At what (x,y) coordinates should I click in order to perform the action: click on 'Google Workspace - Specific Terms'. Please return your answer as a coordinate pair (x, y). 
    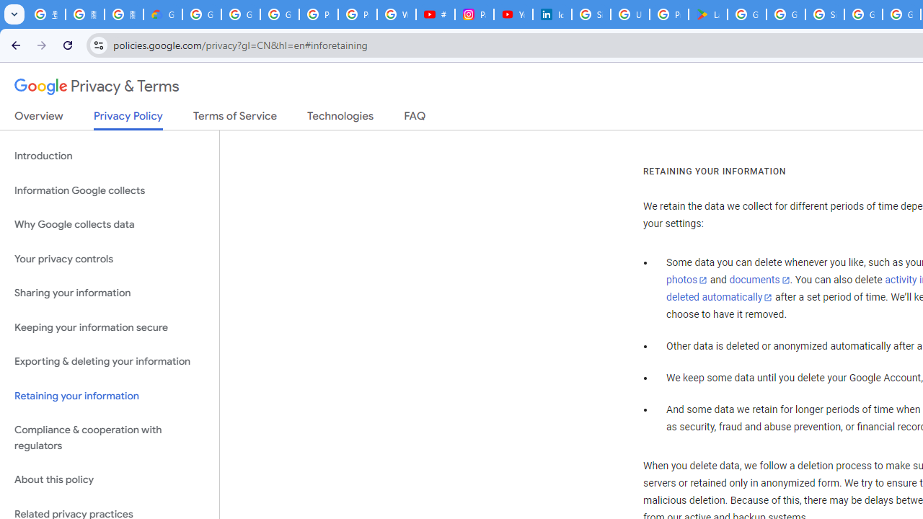
    Looking at the image, I should click on (785, 14).